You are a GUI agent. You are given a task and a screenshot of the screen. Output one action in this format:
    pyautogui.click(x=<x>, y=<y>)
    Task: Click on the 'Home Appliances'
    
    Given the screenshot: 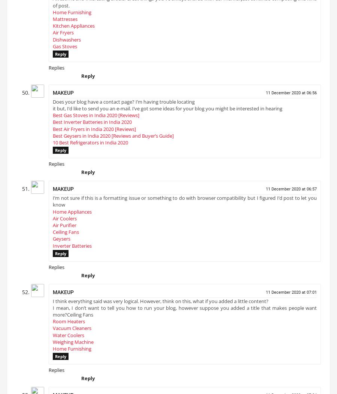 What is the action you would take?
    pyautogui.click(x=72, y=214)
    